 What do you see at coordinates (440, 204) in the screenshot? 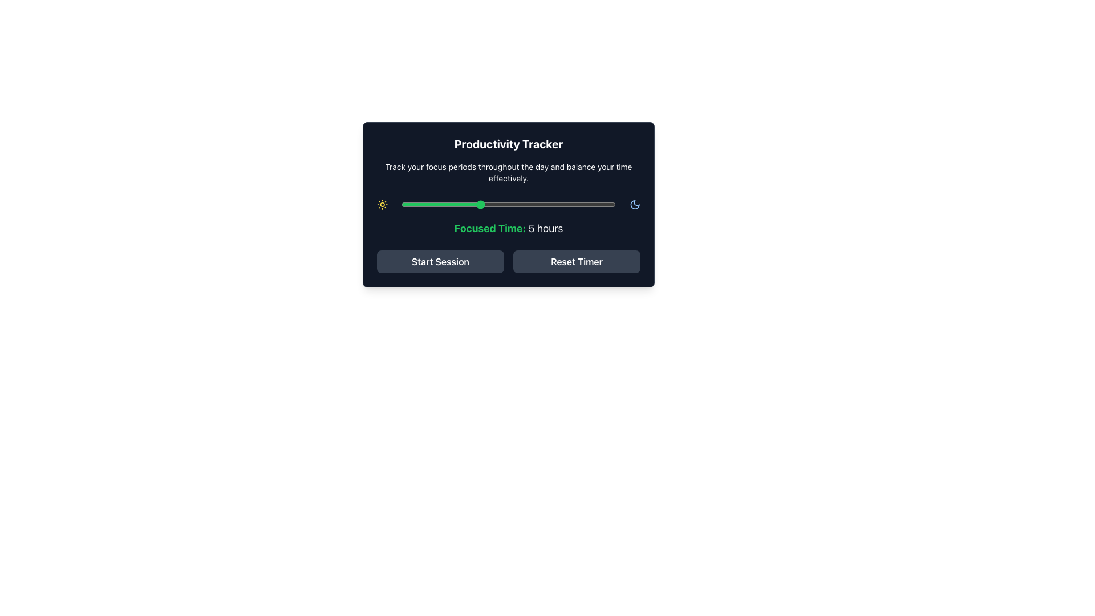
I see `the focus duration` at bounding box center [440, 204].